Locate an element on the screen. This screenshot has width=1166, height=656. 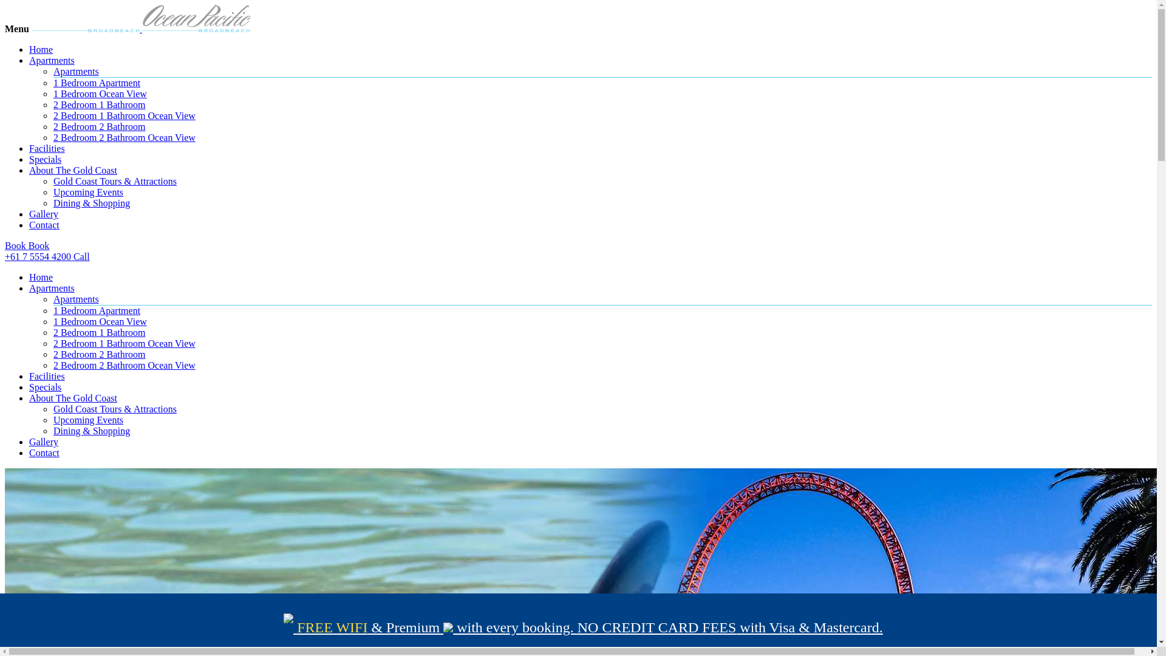
'1 Bedroom Apartment' is located at coordinates (96, 310).